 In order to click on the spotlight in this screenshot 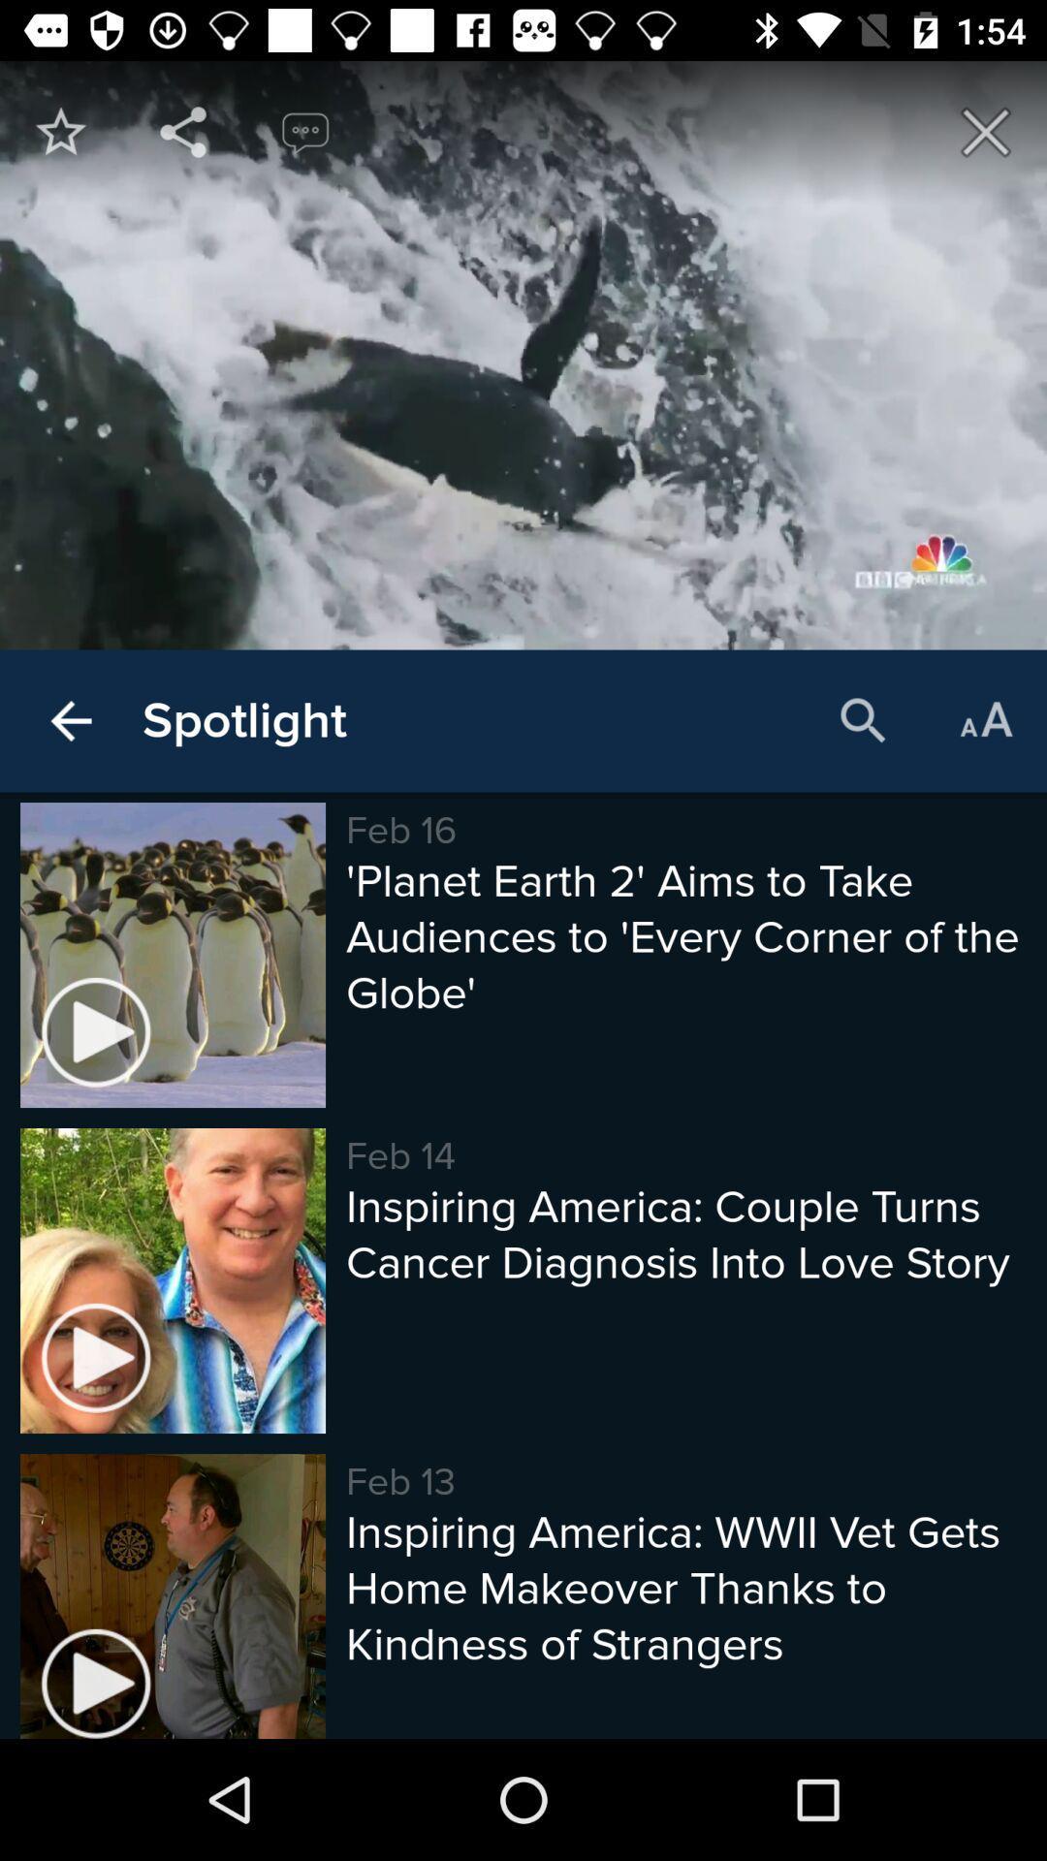, I will do `click(243, 720)`.